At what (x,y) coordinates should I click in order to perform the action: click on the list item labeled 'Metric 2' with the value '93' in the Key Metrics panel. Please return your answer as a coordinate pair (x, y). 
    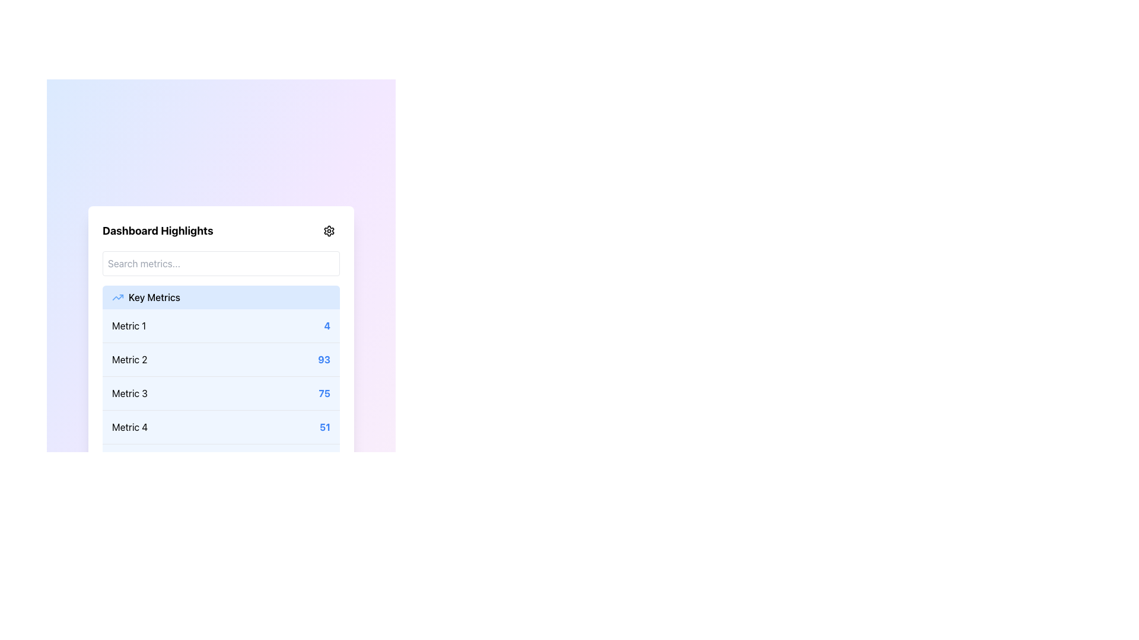
    Looking at the image, I should click on (221, 359).